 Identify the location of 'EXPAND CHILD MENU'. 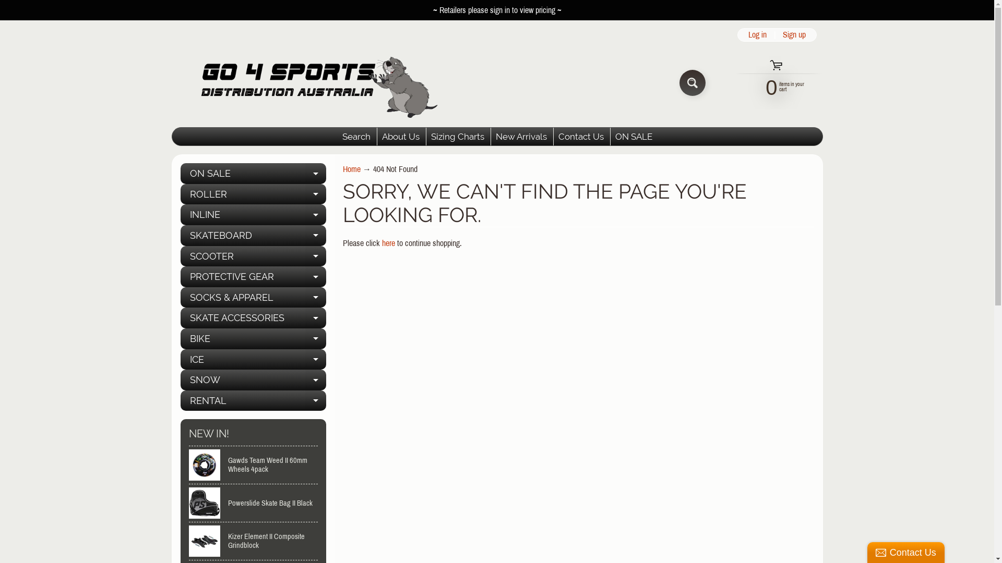
(315, 339).